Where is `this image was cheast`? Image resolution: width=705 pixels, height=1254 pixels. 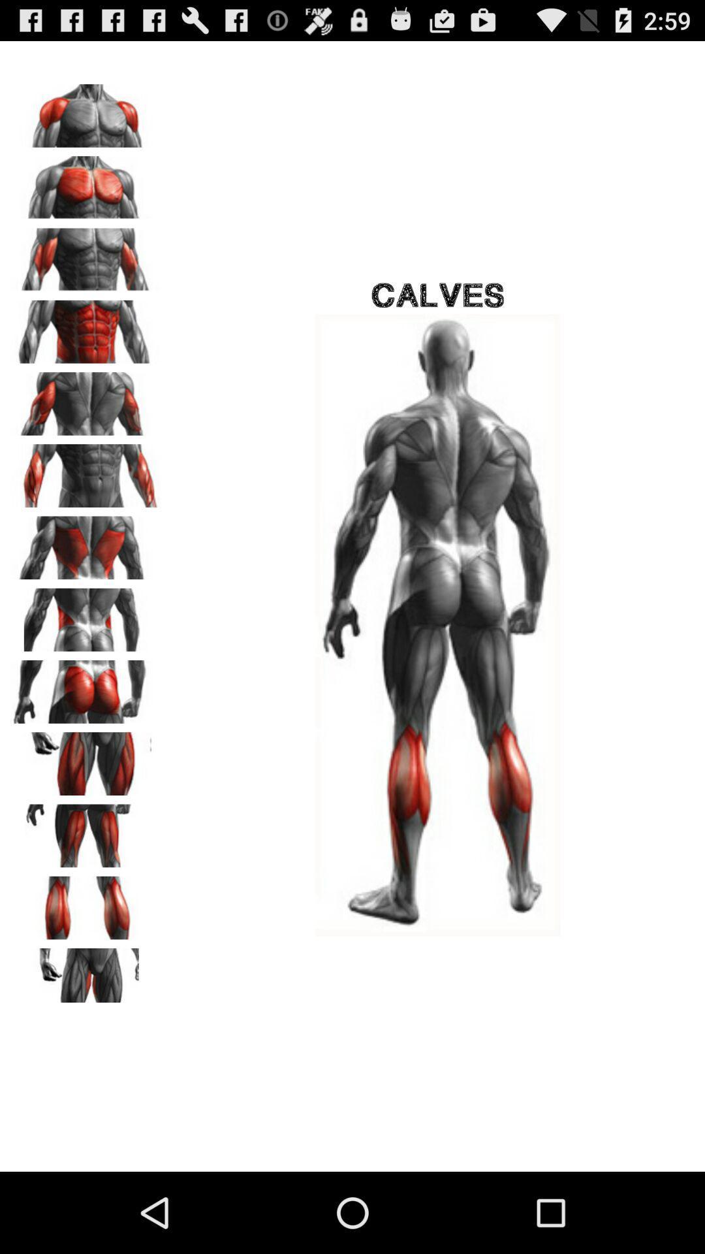 this image was cheast is located at coordinates (86, 182).